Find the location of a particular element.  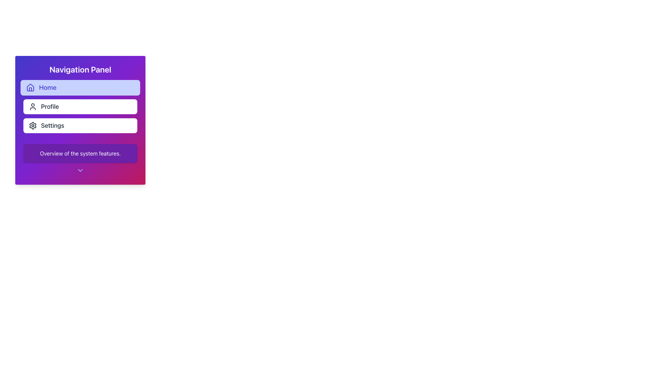

the 'Settings' section of the Navigation Panel, which is highlighted and located between the 'Profile' section and the description area is located at coordinates (80, 120).